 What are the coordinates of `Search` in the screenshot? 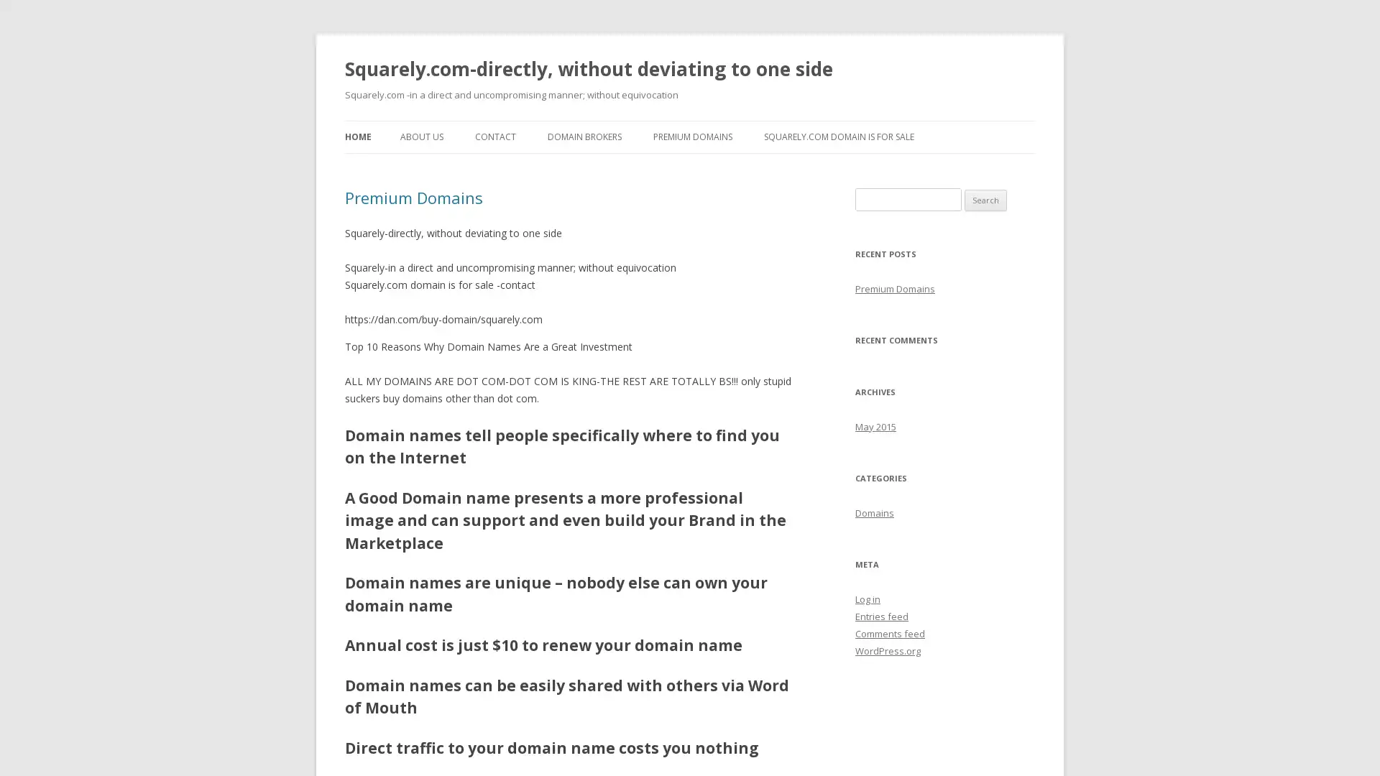 It's located at (985, 200).